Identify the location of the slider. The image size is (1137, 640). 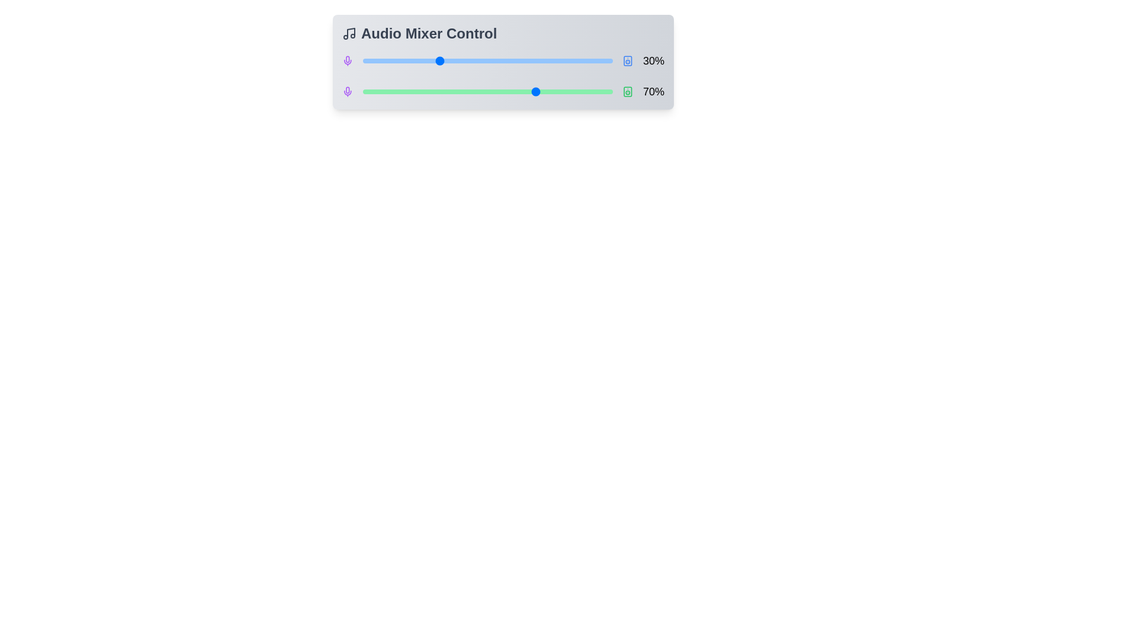
(457, 61).